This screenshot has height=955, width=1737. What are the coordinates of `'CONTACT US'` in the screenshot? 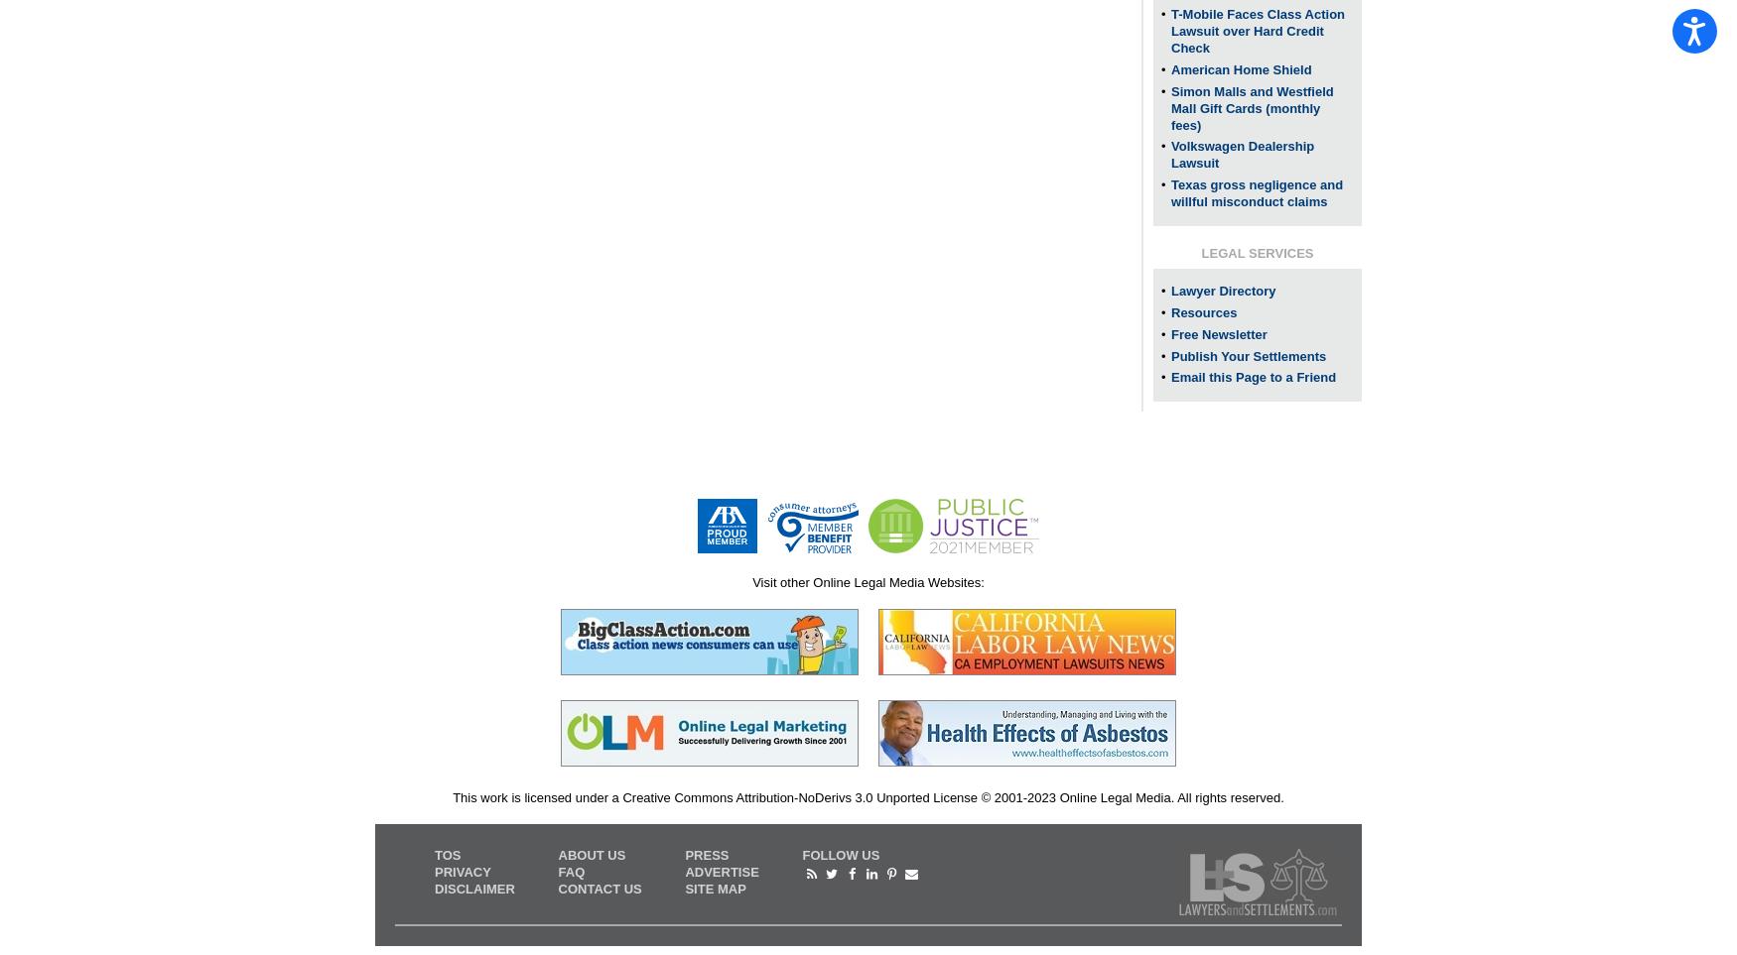 It's located at (599, 887).